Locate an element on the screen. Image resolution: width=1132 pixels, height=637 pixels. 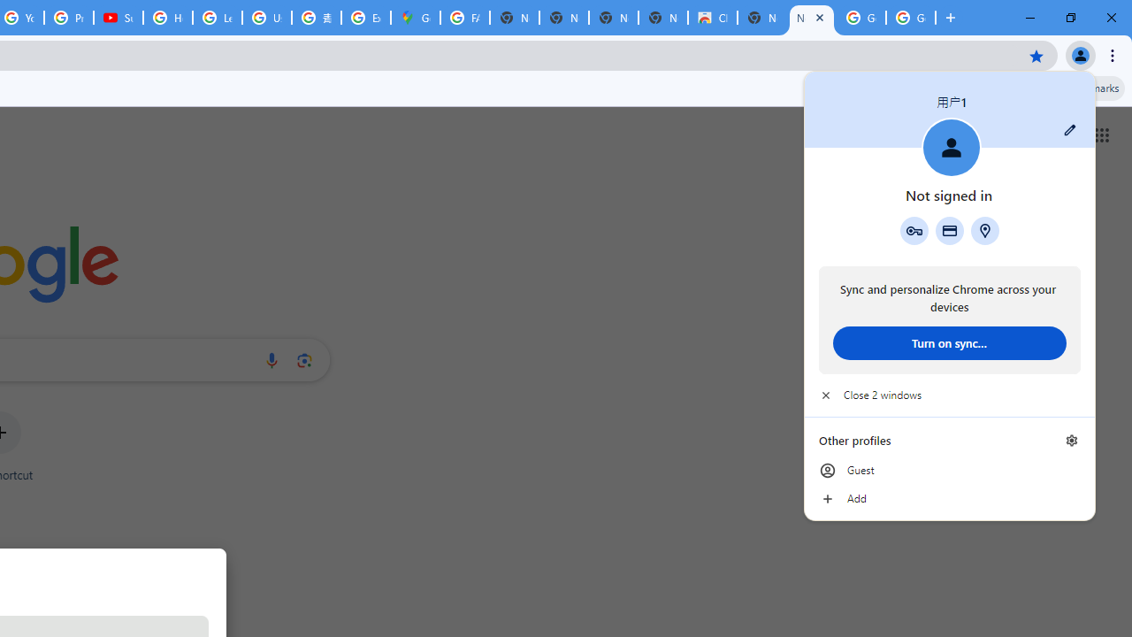
'How Chrome protects your passwords - Google Chrome Help' is located at coordinates (168, 18).